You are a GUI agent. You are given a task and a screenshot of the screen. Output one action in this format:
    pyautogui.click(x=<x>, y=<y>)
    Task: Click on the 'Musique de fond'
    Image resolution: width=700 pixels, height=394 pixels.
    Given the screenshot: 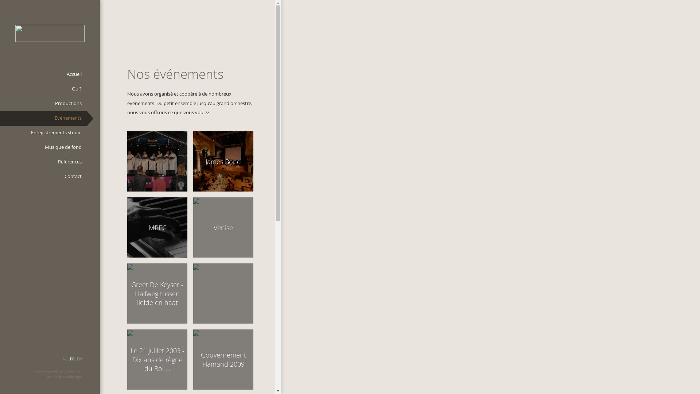 What is the action you would take?
    pyautogui.click(x=43, y=148)
    